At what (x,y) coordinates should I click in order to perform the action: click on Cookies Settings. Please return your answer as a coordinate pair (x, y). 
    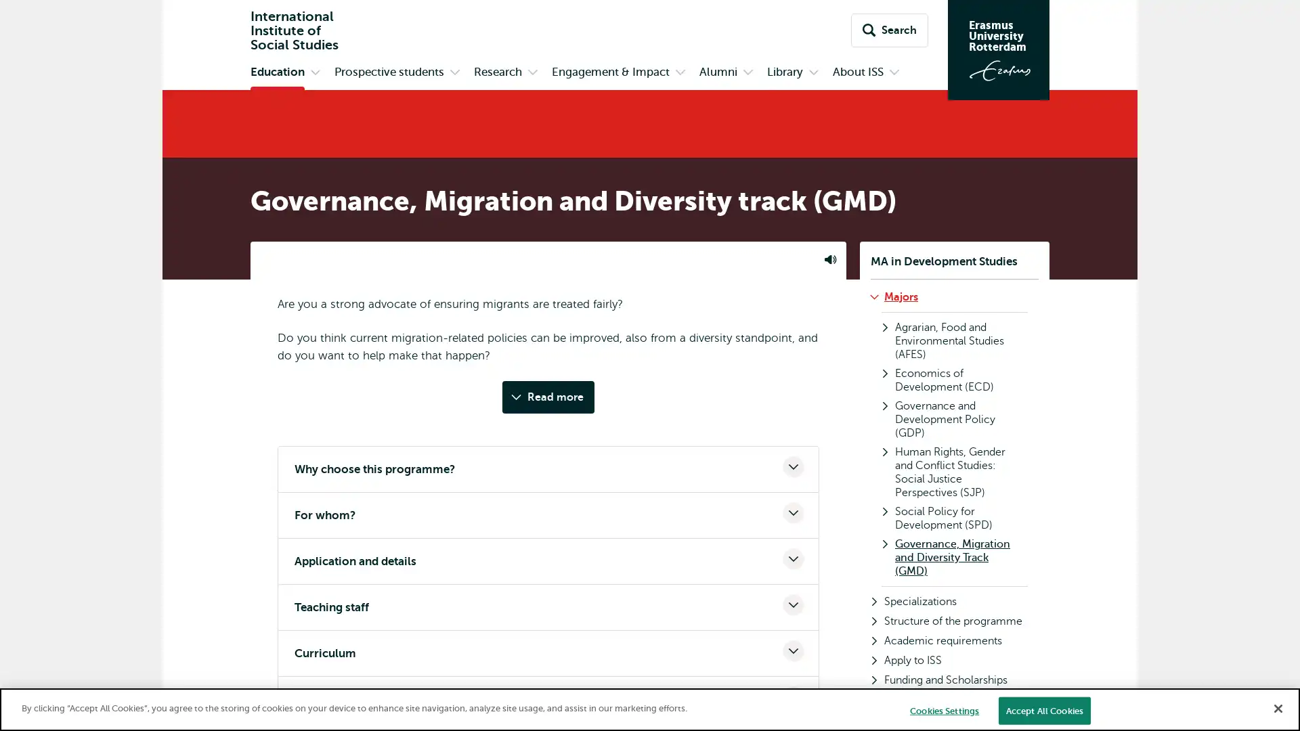
    Looking at the image, I should click on (943, 709).